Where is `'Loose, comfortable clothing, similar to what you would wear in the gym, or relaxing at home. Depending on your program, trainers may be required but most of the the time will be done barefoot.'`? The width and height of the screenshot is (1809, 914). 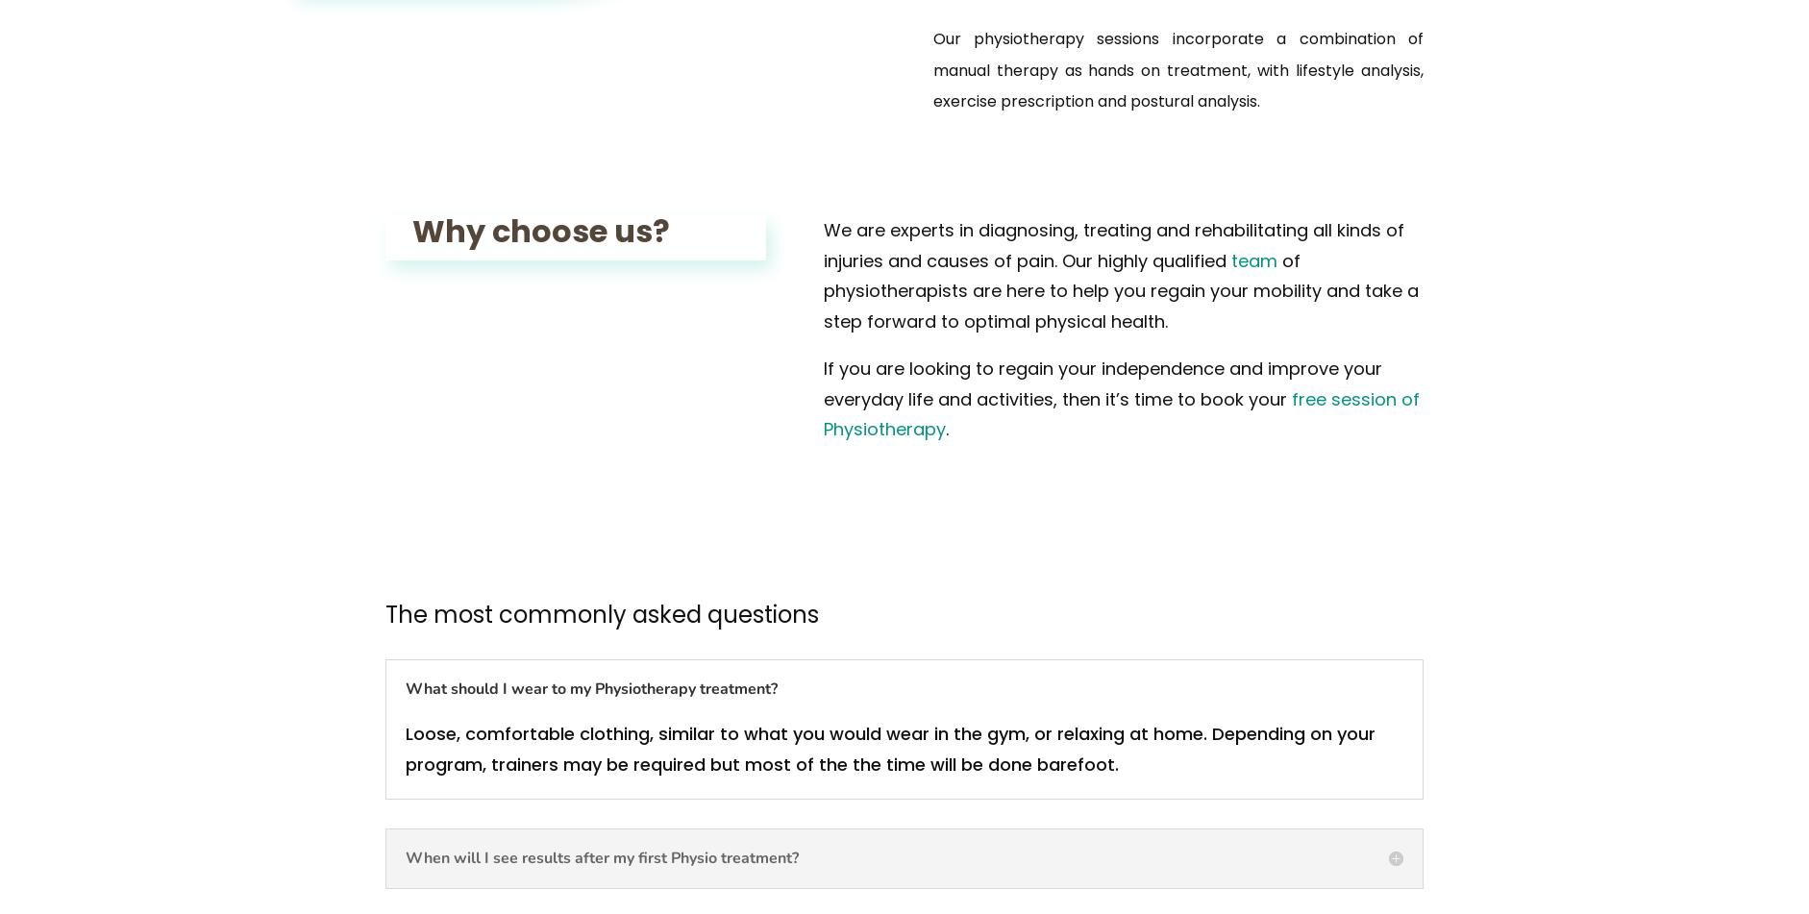
'Loose, comfortable clothing, similar to what you would wear in the gym, or relaxing at home. Depending on your program, trainers may be required but most of the the time will be done barefoot.' is located at coordinates (890, 747).